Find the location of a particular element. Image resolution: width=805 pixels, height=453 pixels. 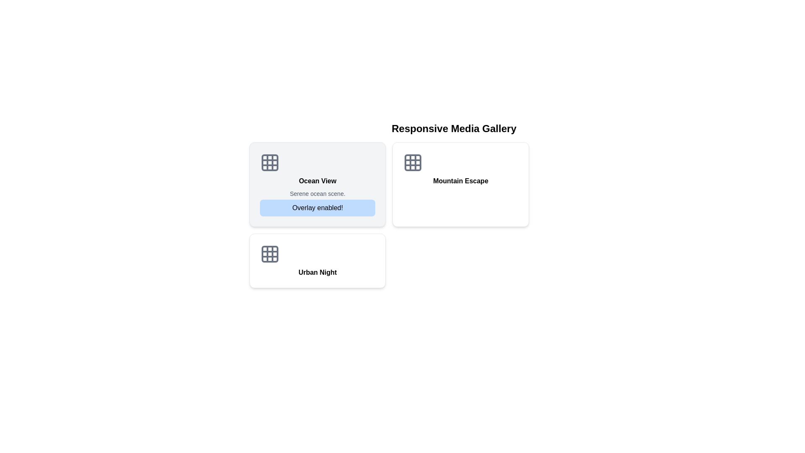

the grid-like square icon located in the upper-left corner of the 'Mountain Escape' card, which has a dark gray outline and a 3x3 grid inside is located at coordinates (413, 163).